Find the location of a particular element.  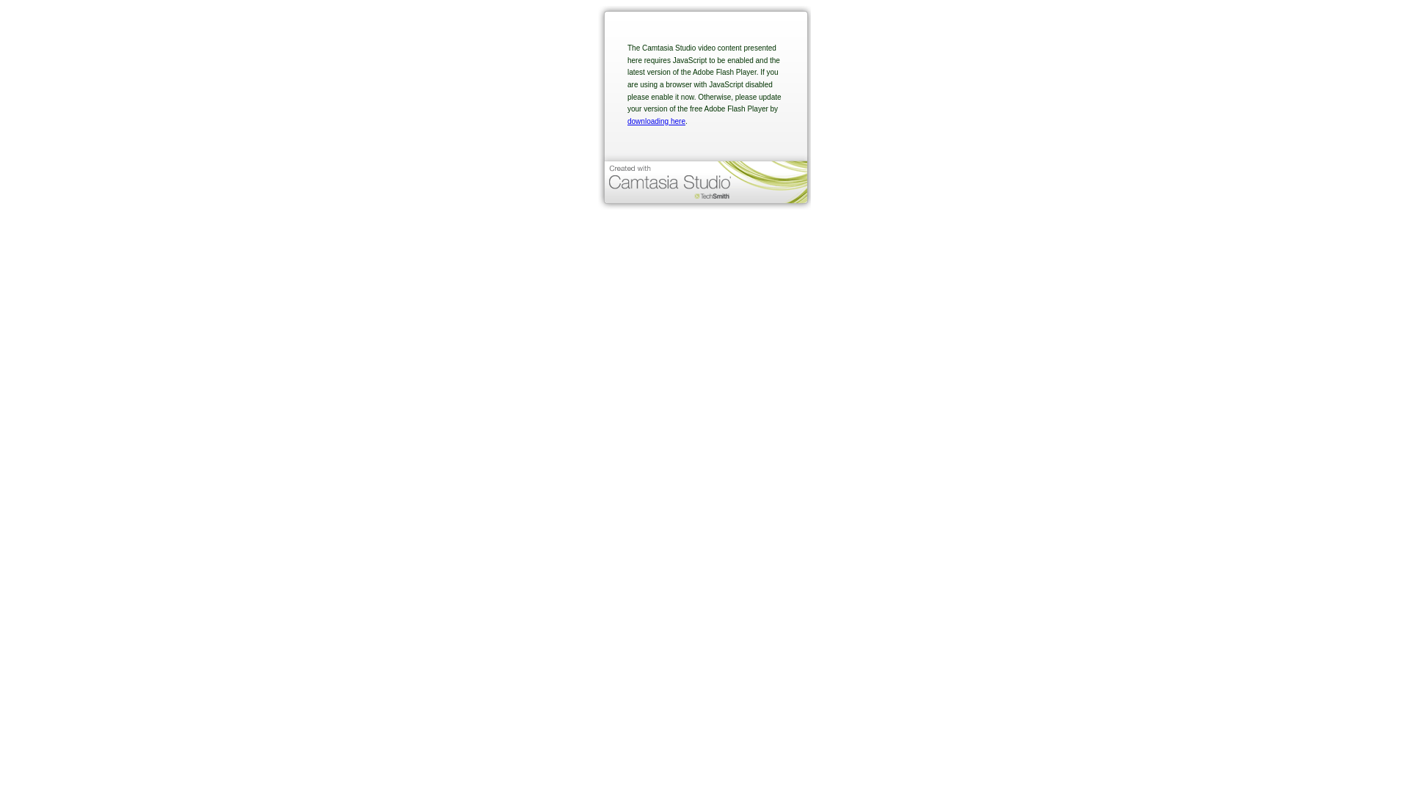

'downloading here' is located at coordinates (627, 120).